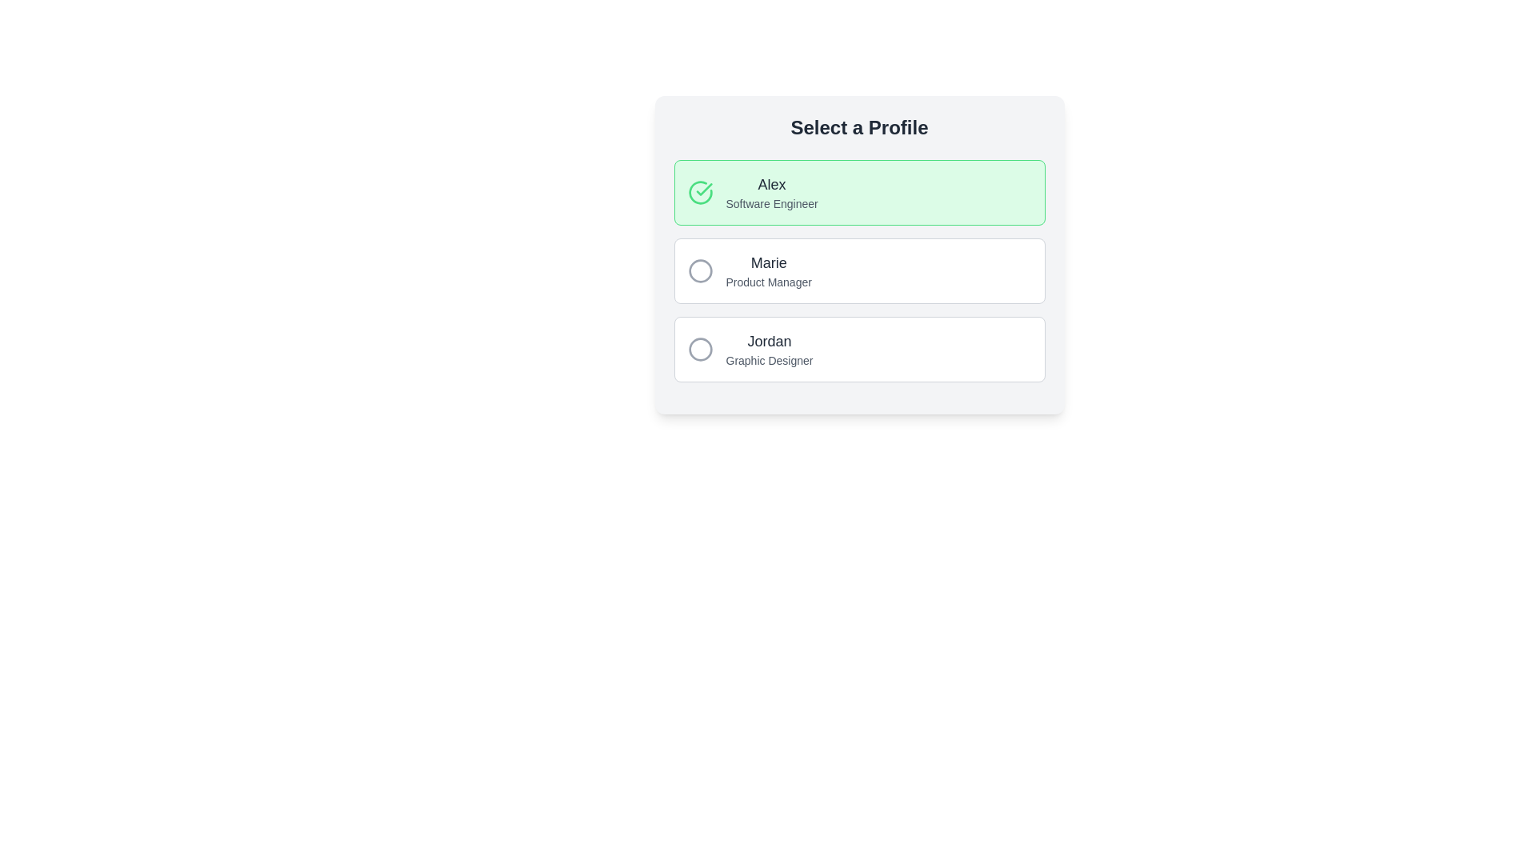 This screenshot has height=864, width=1536. What do you see at coordinates (772, 202) in the screenshot?
I see `the text label displaying 'Software Engineer', which is located below the name 'Alex' within a green-highlighted profile card` at bounding box center [772, 202].